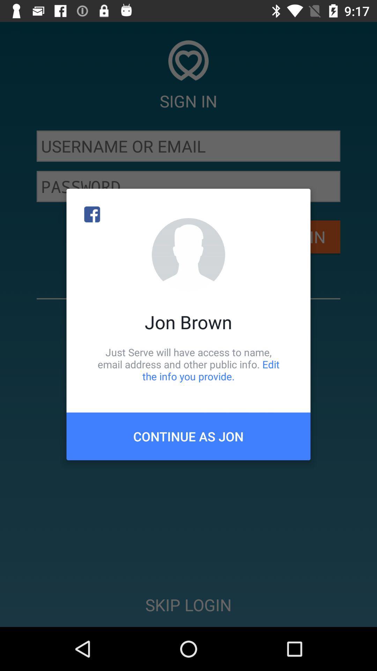 The image size is (377, 671). I want to click on continue as jon item, so click(188, 436).